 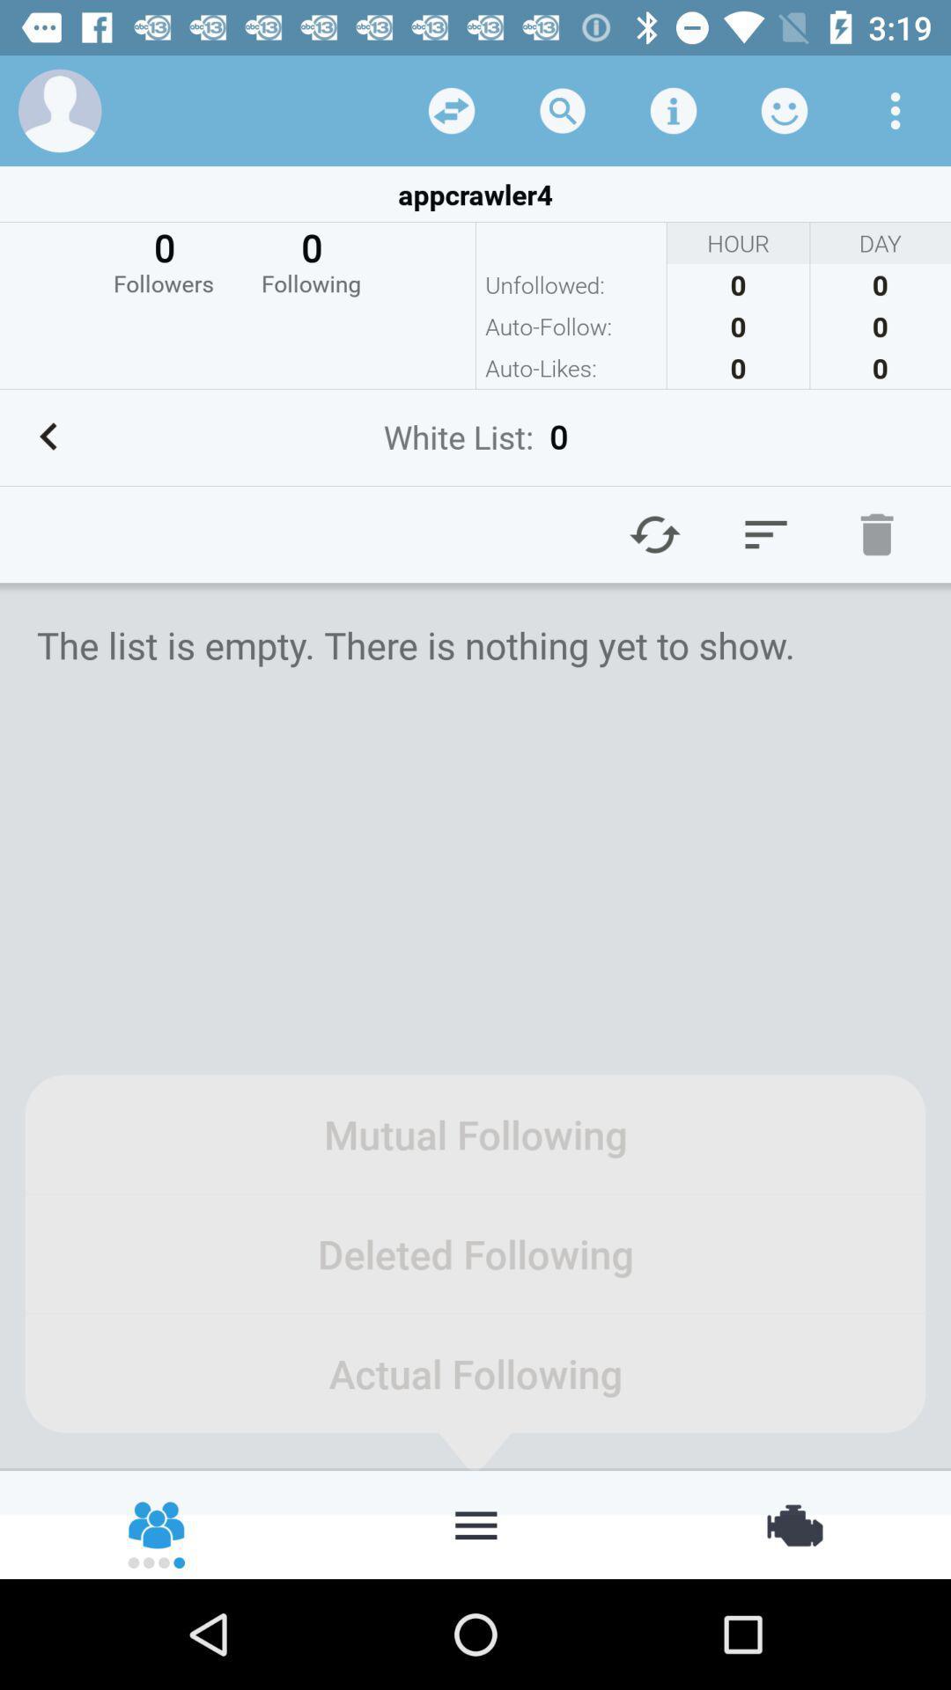 I want to click on the refresh icon, so click(x=655, y=533).